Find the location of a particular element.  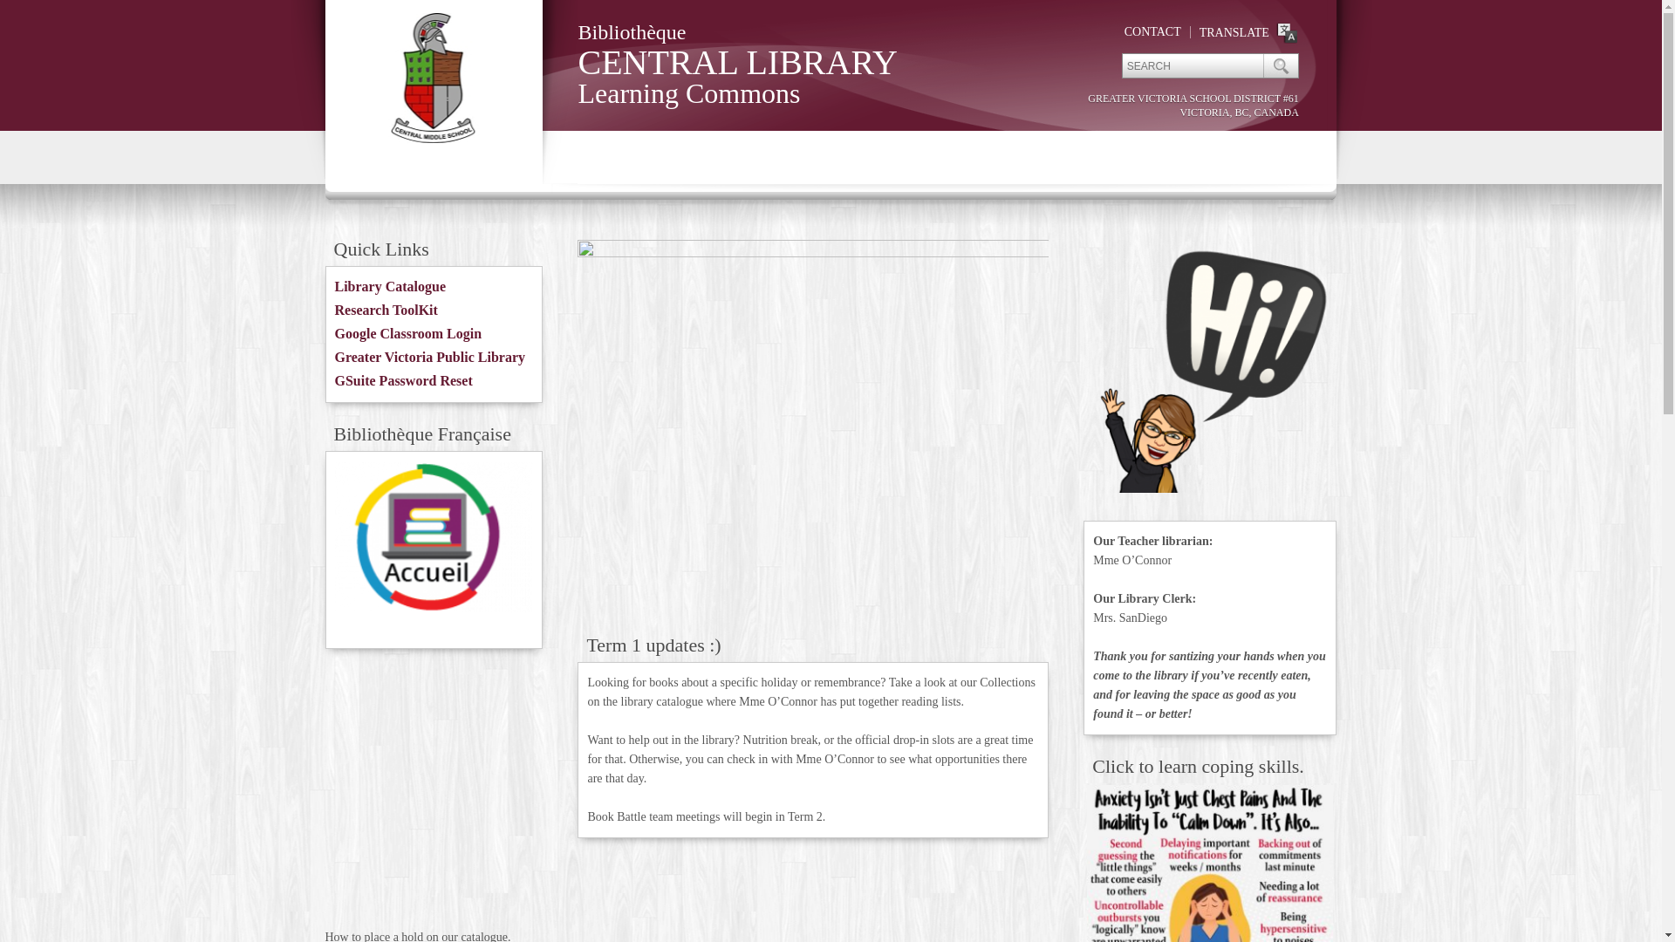

'GSuite Password Reset' is located at coordinates (402, 379).